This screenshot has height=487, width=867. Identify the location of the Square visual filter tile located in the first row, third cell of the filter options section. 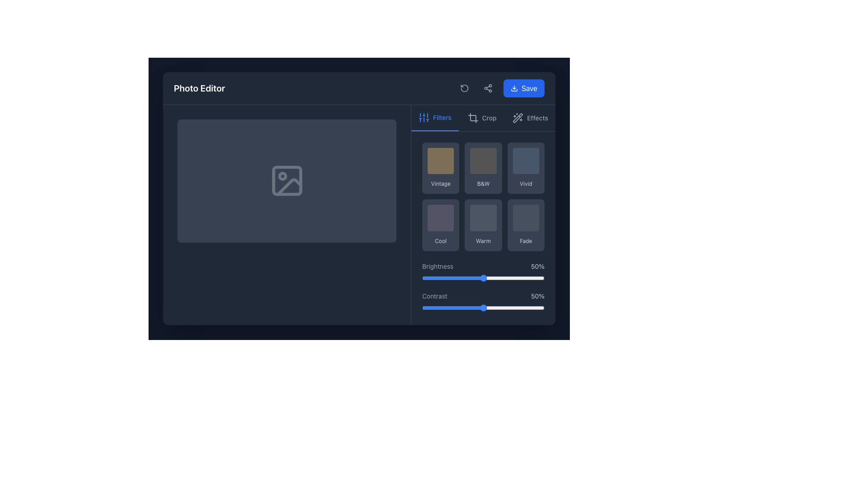
(526, 161).